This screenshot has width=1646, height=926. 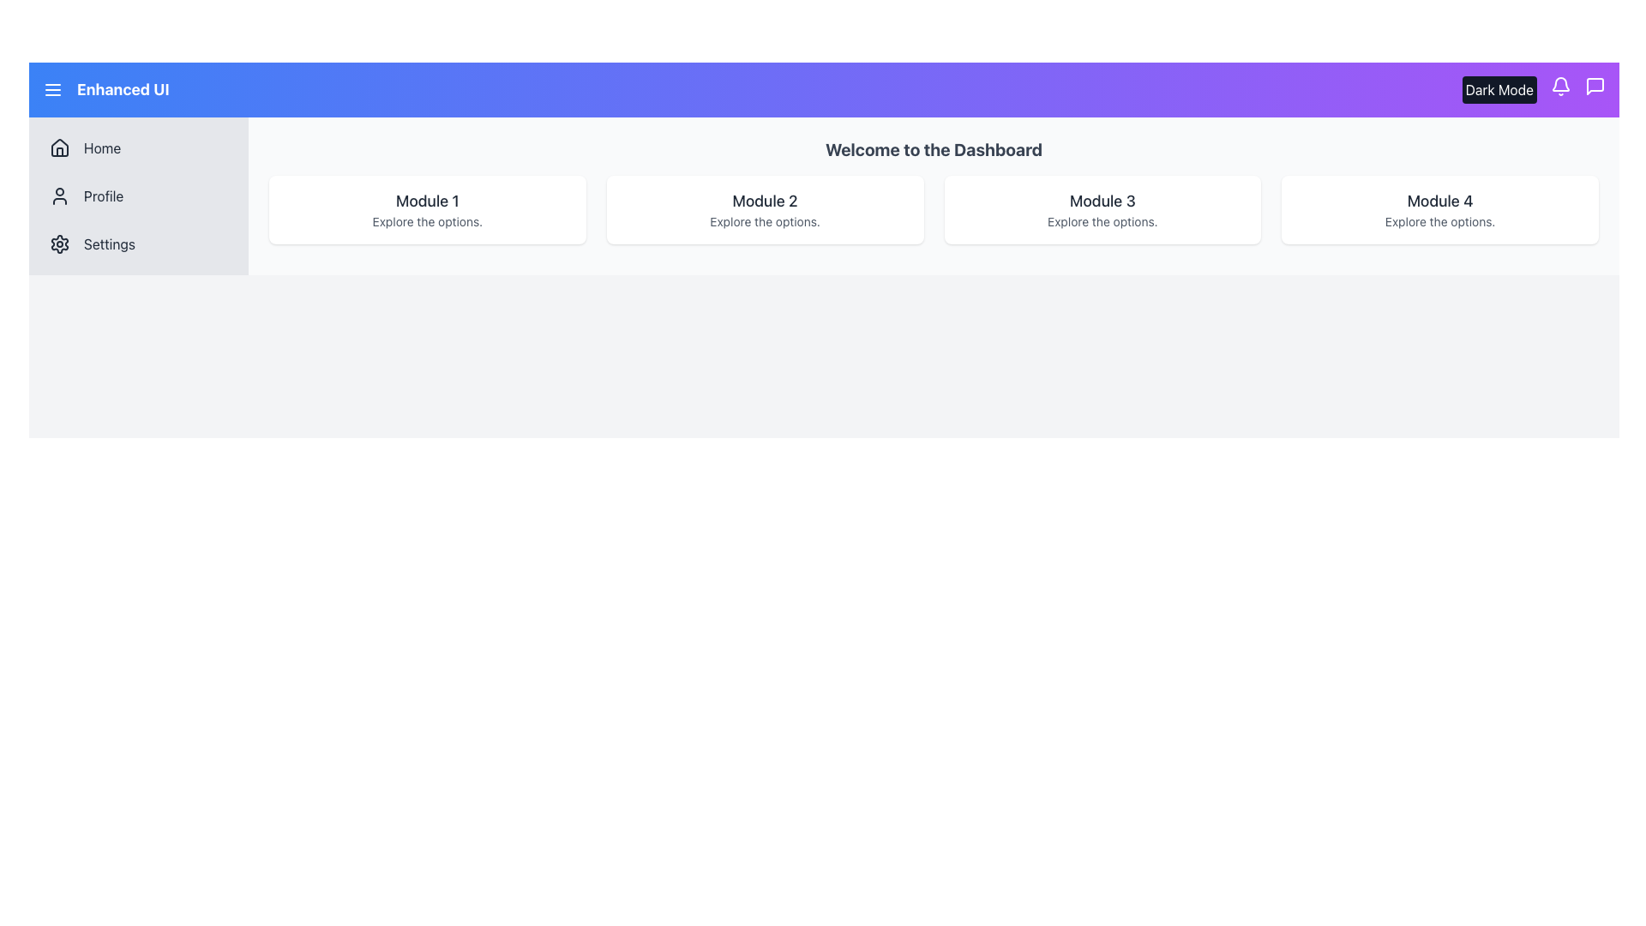 What do you see at coordinates (139, 147) in the screenshot?
I see `the 'Home' navigation item located in the sidebar on the left, above the 'Profile' and 'Settings' items` at bounding box center [139, 147].